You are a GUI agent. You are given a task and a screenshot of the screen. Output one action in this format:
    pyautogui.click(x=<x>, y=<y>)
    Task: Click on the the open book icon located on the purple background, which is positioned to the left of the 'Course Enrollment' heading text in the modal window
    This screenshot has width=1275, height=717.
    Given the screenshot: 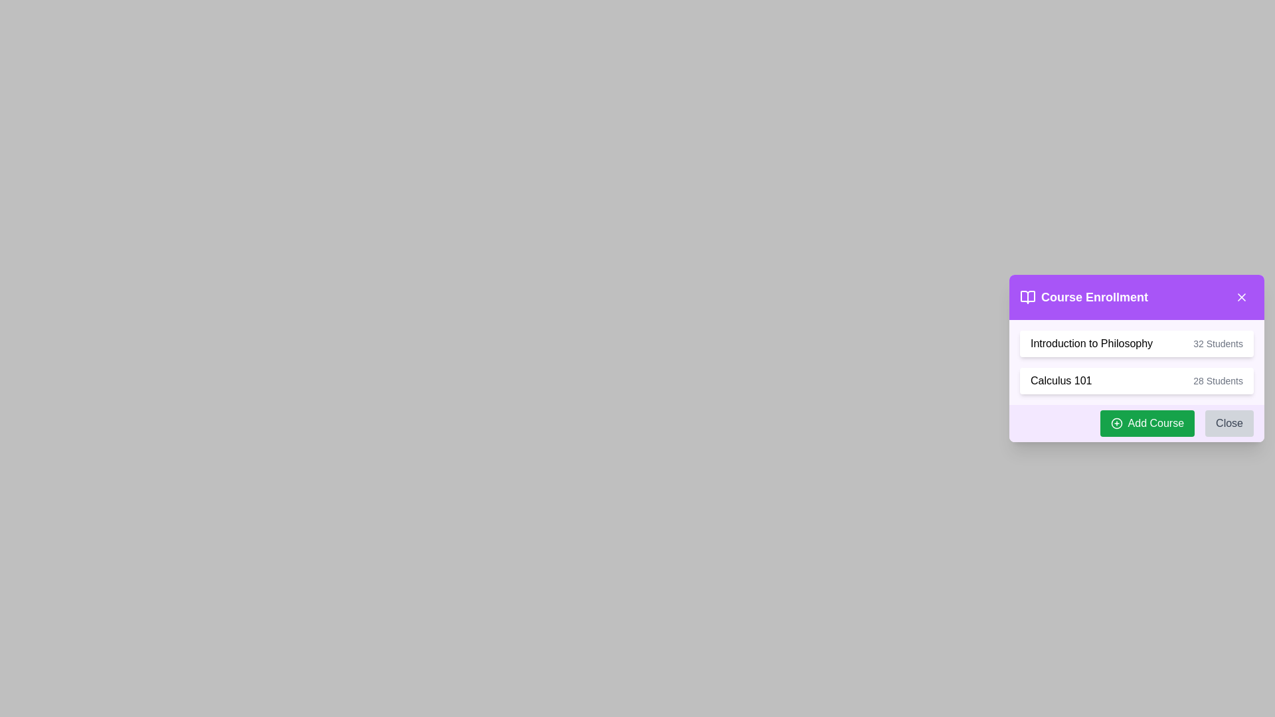 What is the action you would take?
    pyautogui.click(x=1027, y=296)
    